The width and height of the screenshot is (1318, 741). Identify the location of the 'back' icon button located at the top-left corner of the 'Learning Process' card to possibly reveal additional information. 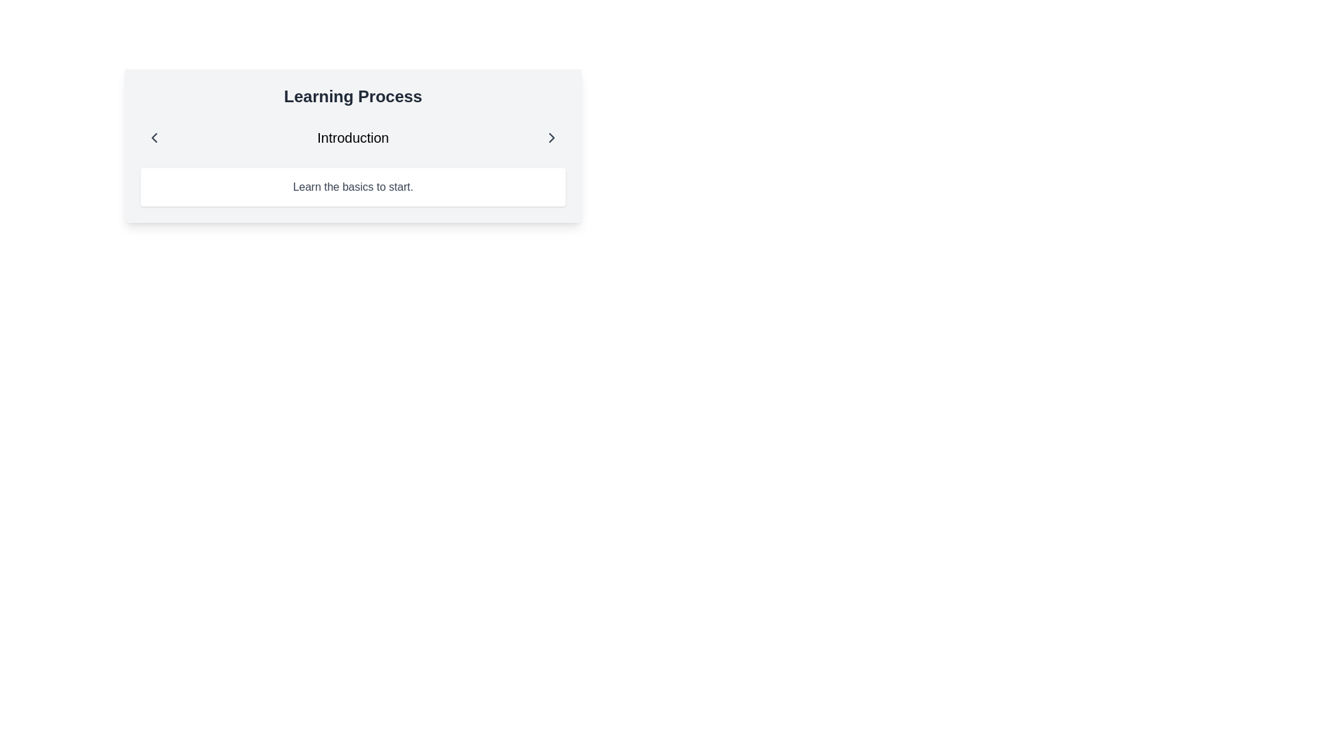
(154, 137).